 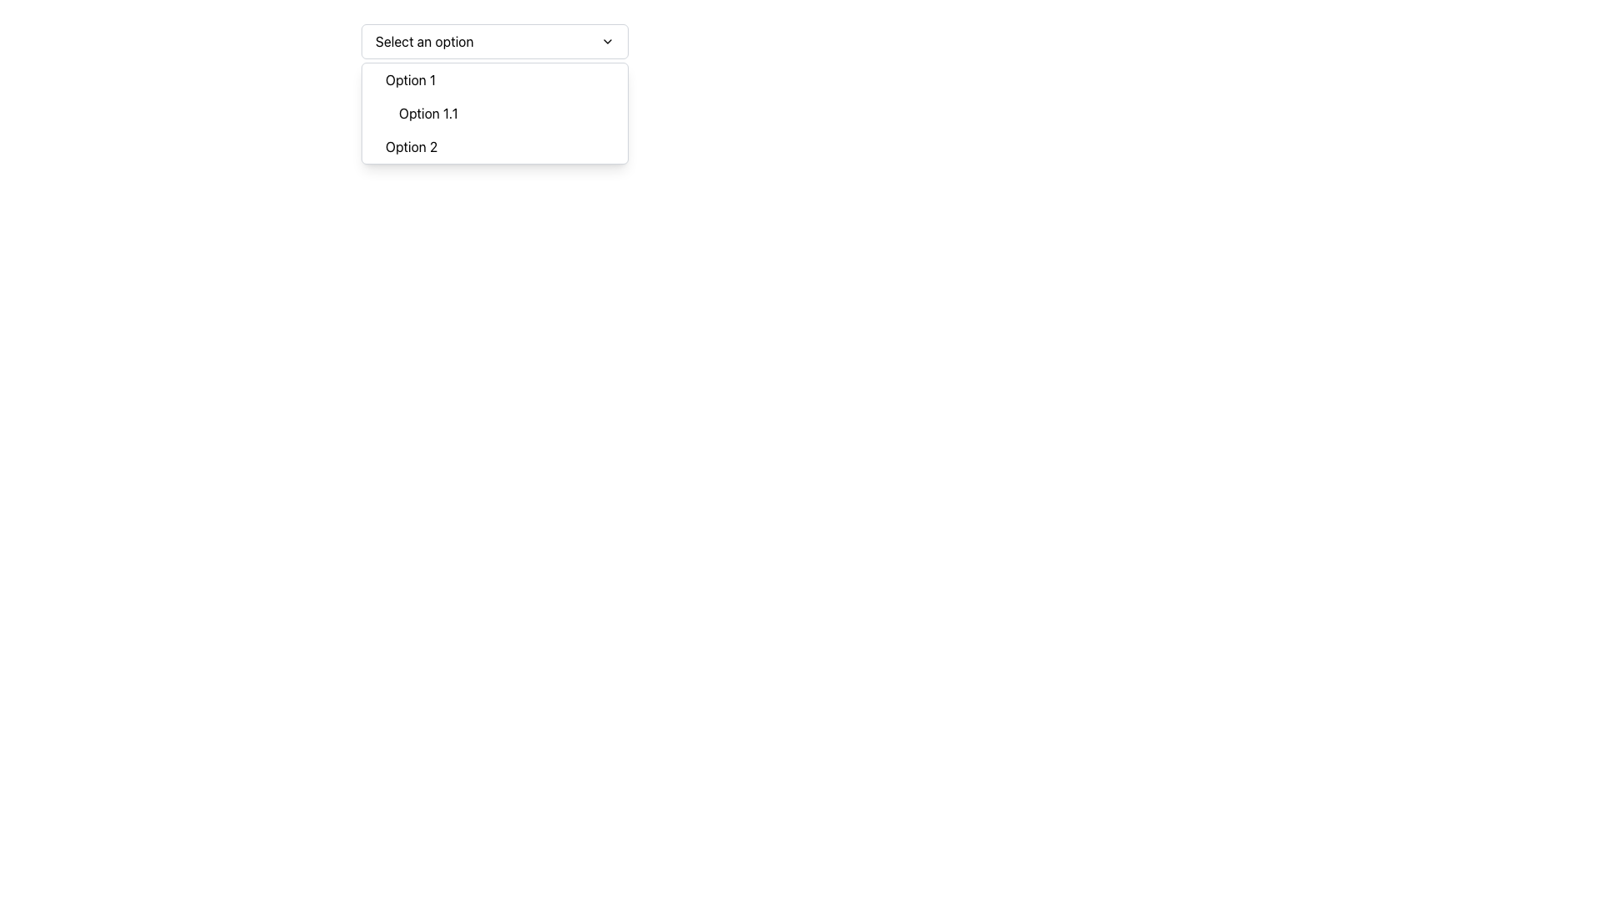 I want to click on the third option in the dropdown menu, labeled 'Option 2', to trigger its hover state, so click(x=500, y=146).